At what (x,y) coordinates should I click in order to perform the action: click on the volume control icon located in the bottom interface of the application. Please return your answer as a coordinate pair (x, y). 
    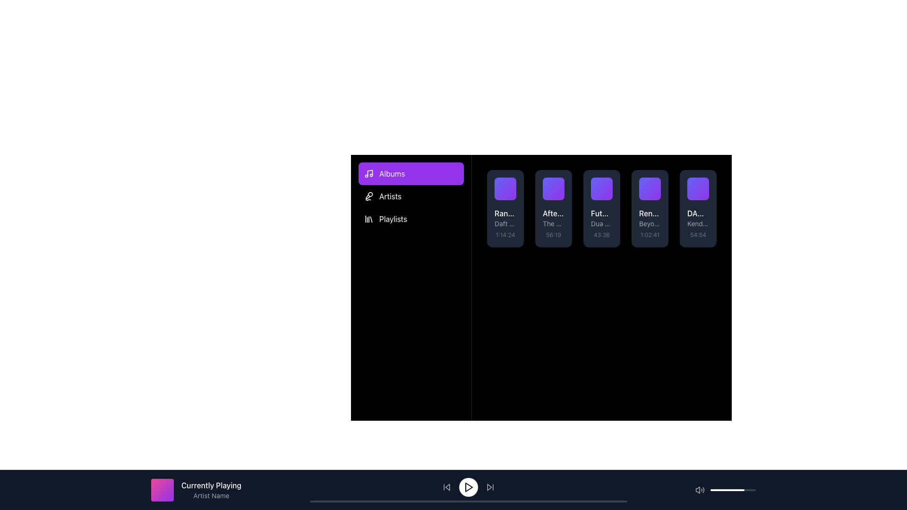
    Looking at the image, I should click on (698, 489).